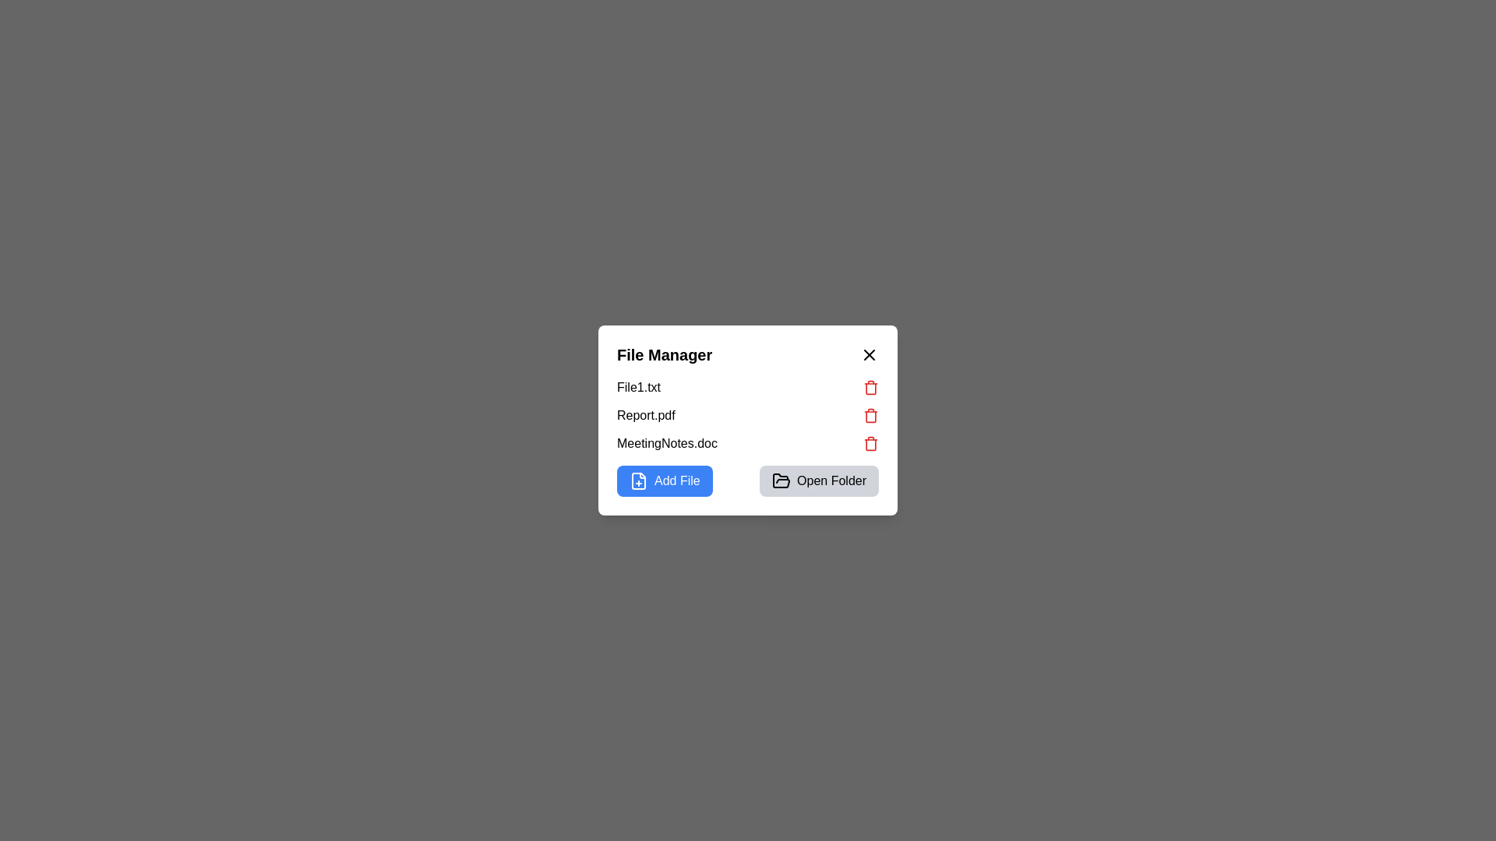 This screenshot has height=841, width=1496. I want to click on the 'close' button icon located in the top-right corner of the 'File Manager' modal, so click(869, 354).